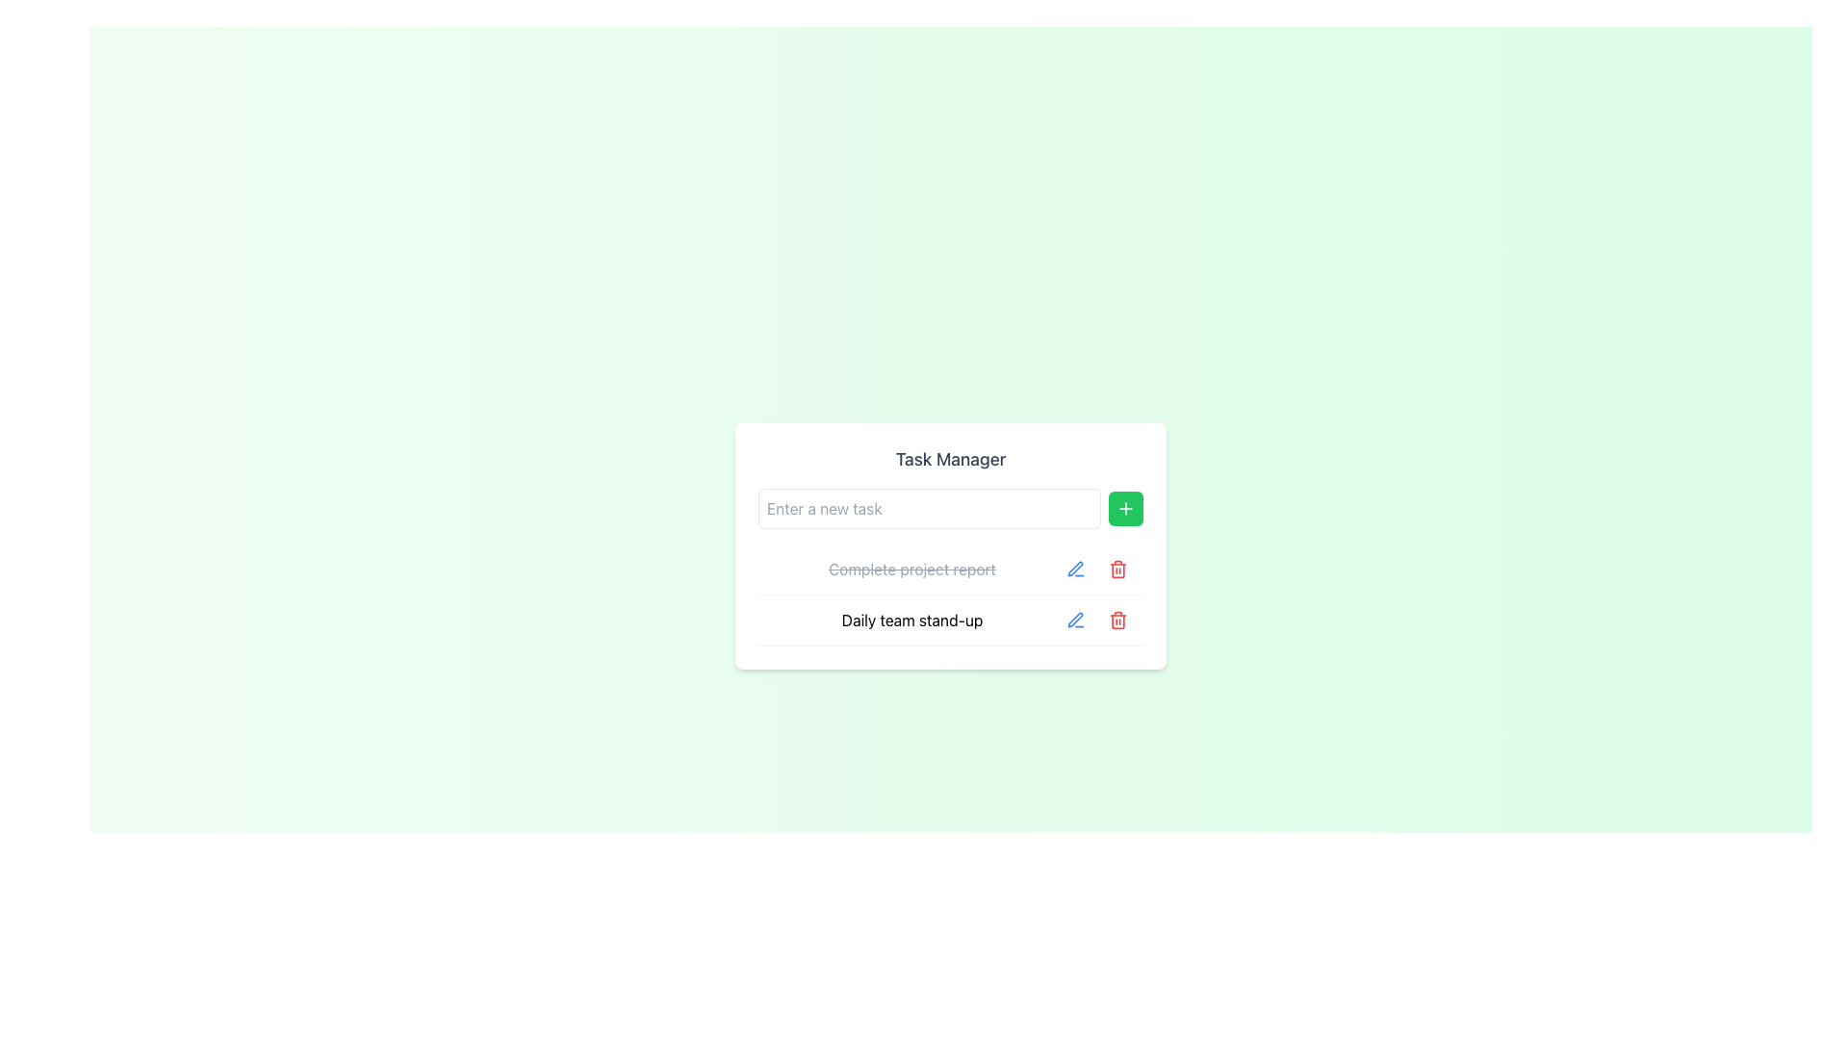 The image size is (1848, 1039). Describe the element at coordinates (951, 460) in the screenshot. I see `text label at the top of the white card that serves as a section header for the task input area` at that location.